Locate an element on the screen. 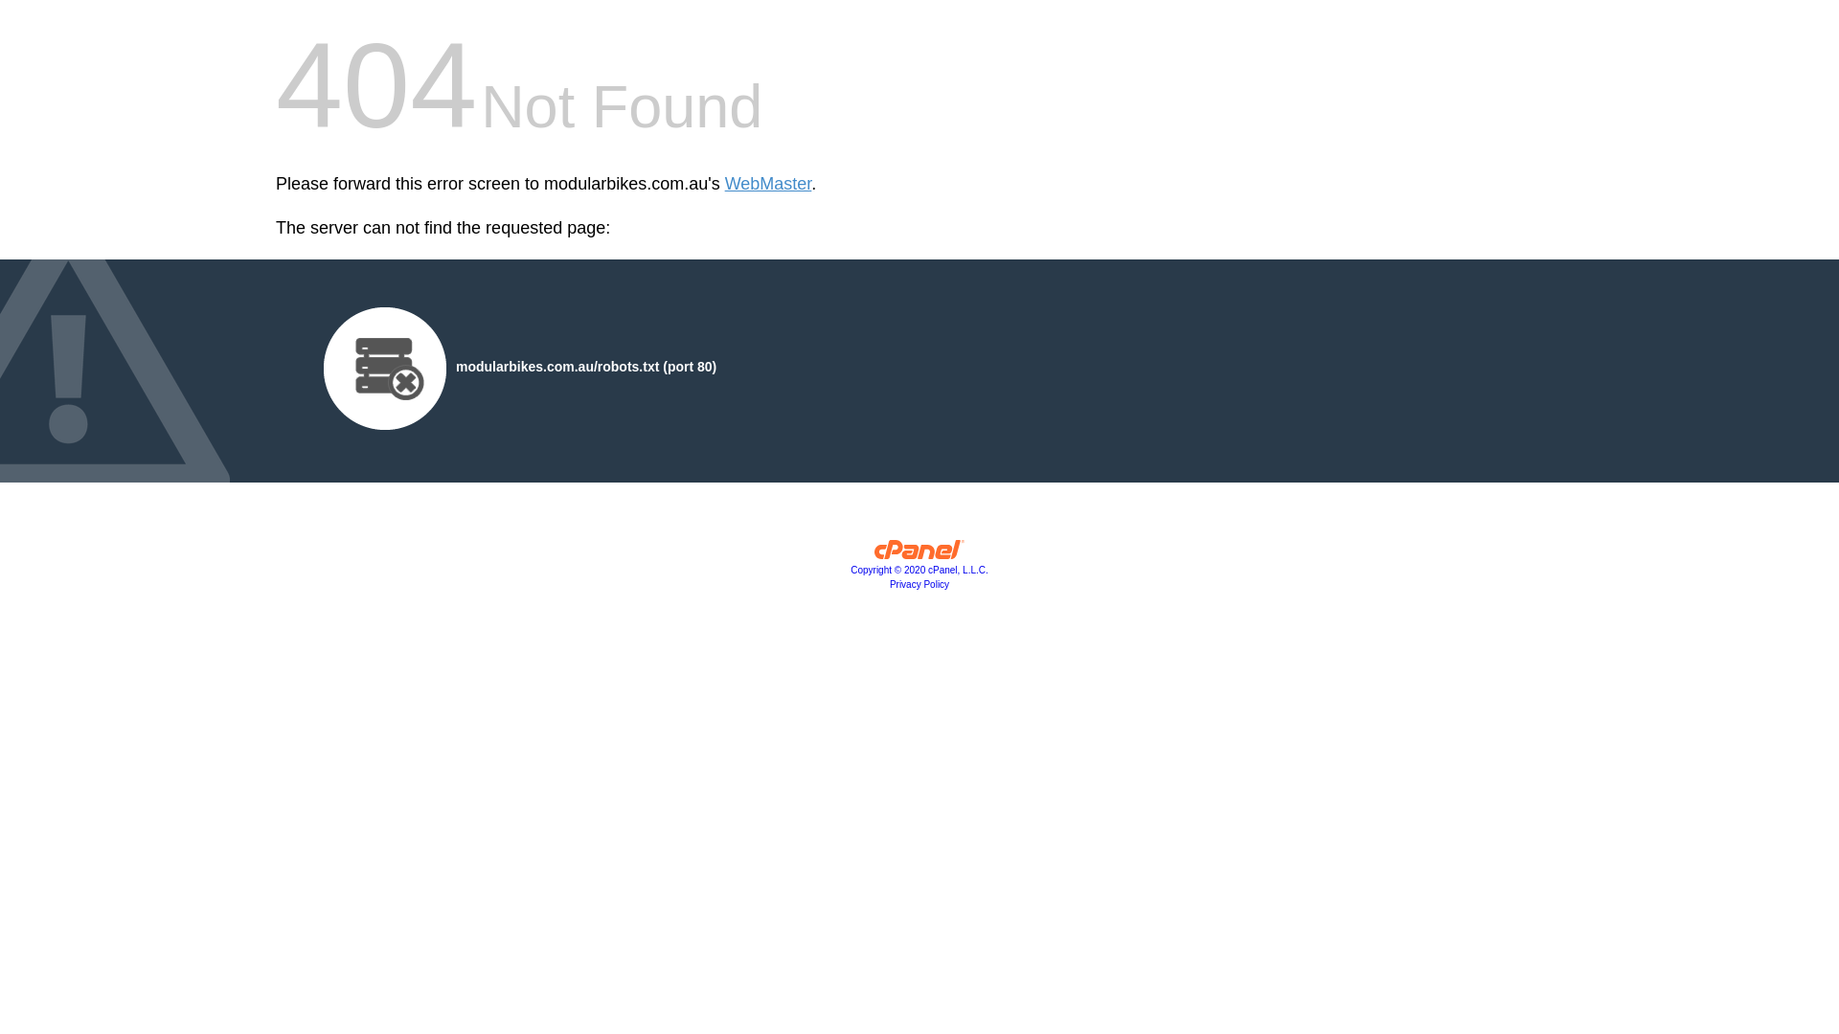 The height and width of the screenshot is (1034, 1839). 'WebMaster' is located at coordinates (768, 184).